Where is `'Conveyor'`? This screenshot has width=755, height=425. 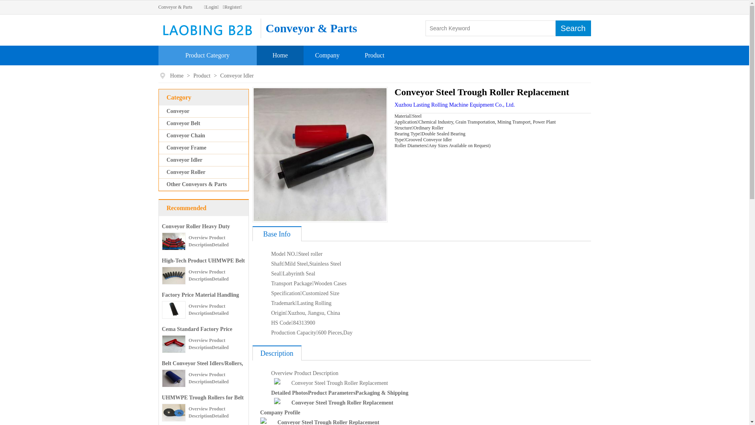 'Conveyor' is located at coordinates (177, 111).